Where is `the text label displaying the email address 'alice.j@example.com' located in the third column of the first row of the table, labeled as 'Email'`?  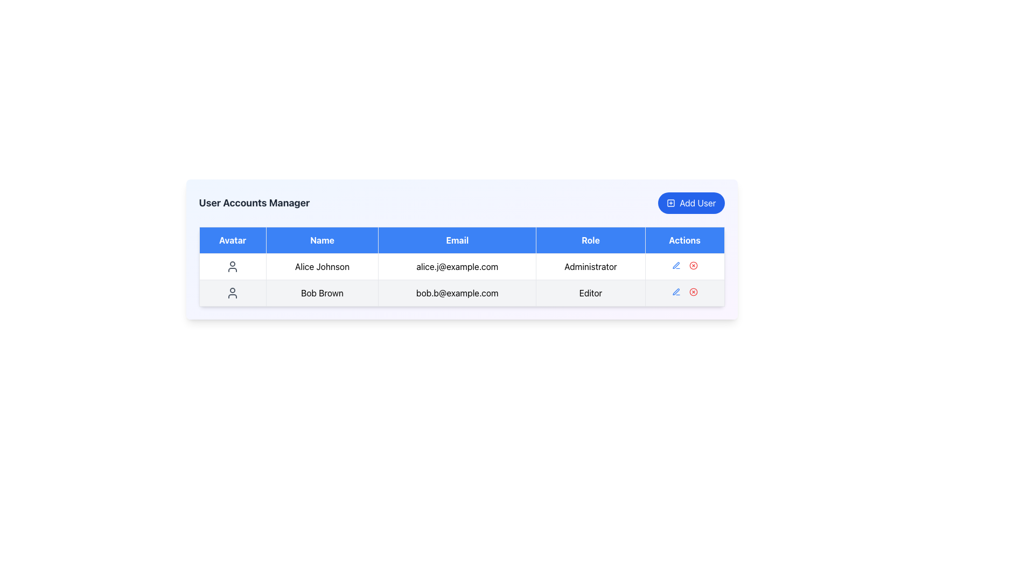 the text label displaying the email address 'alice.j@example.com' located in the third column of the first row of the table, labeled as 'Email' is located at coordinates (457, 266).